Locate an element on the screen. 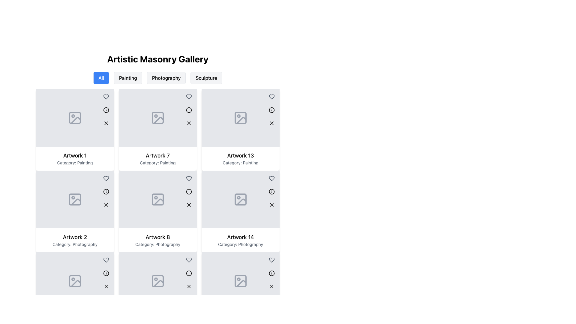  the circular button with a light gray background and a black 'X' icon, located at the top-right corner of the 'Artwork 14' card is located at coordinates (271, 286).